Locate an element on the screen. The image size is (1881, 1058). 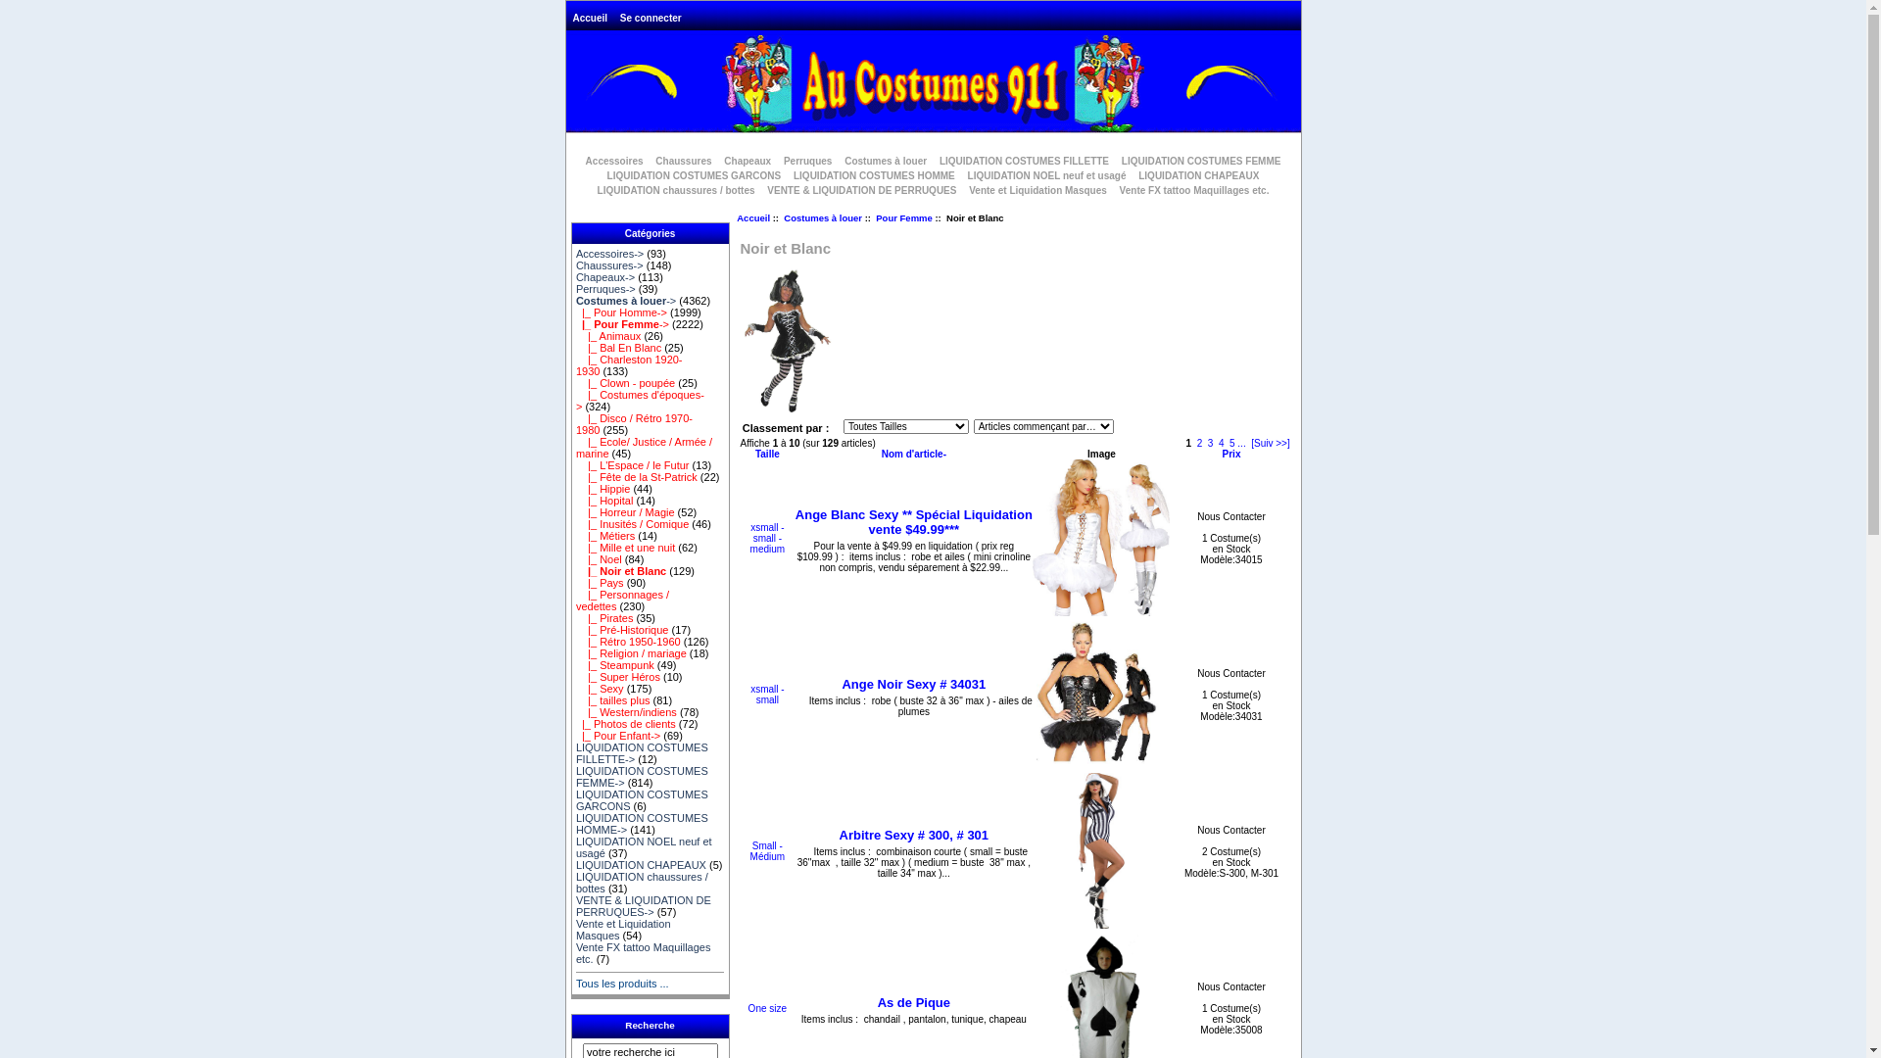
'Se connecter' is located at coordinates (651, 18).